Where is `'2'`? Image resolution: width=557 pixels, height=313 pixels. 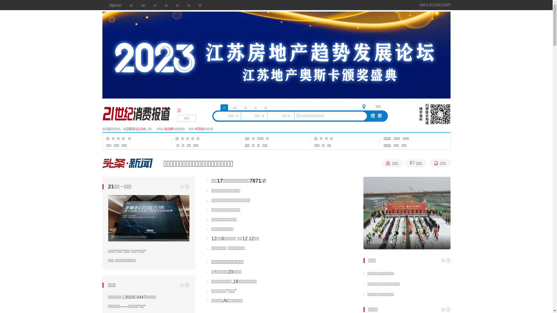
'2' is located at coordinates (396, 233).